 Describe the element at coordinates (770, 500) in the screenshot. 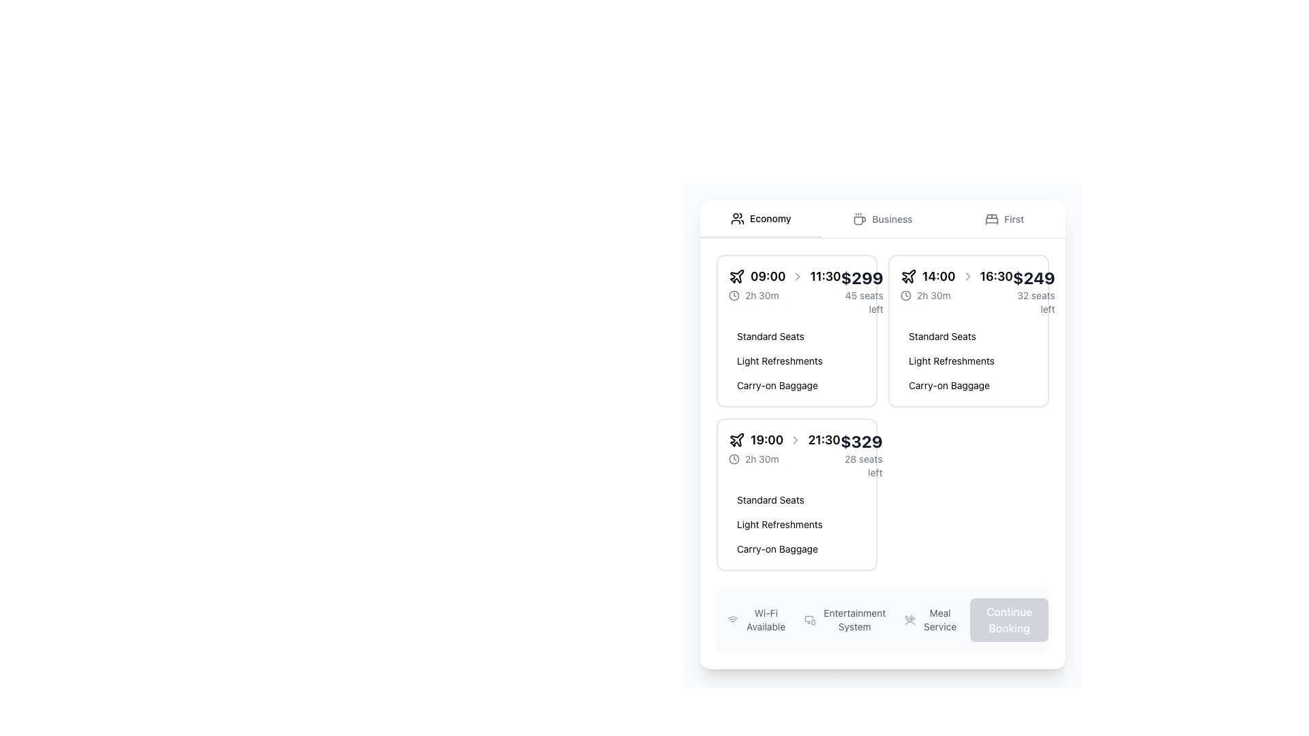

I see `the 'Standard Seats' label, which is the first label in a vertical list of amenities in a flight selection interface` at that location.